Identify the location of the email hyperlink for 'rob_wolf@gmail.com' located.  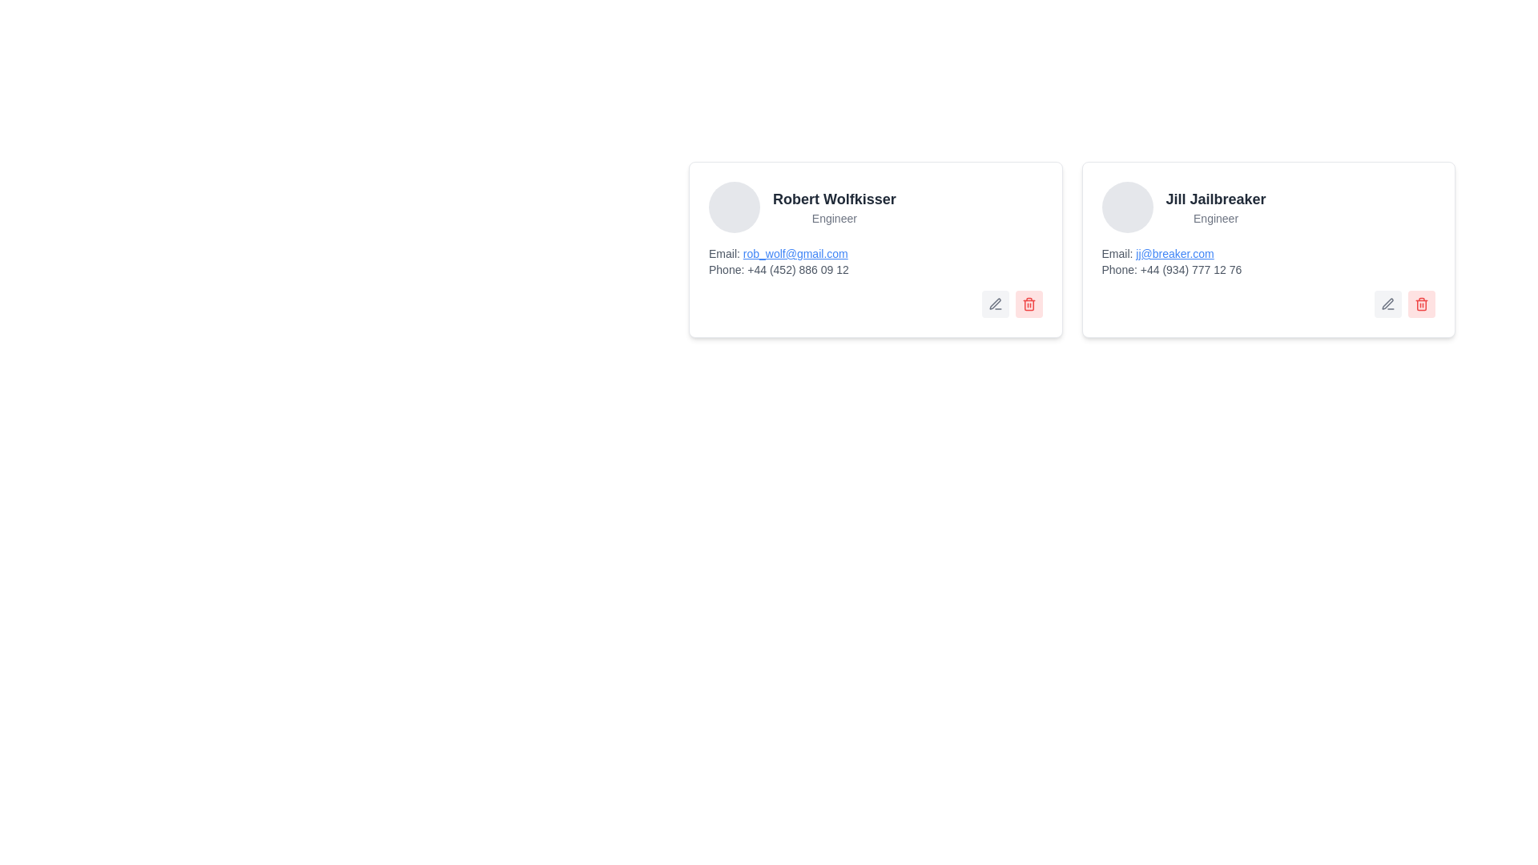
(795, 252).